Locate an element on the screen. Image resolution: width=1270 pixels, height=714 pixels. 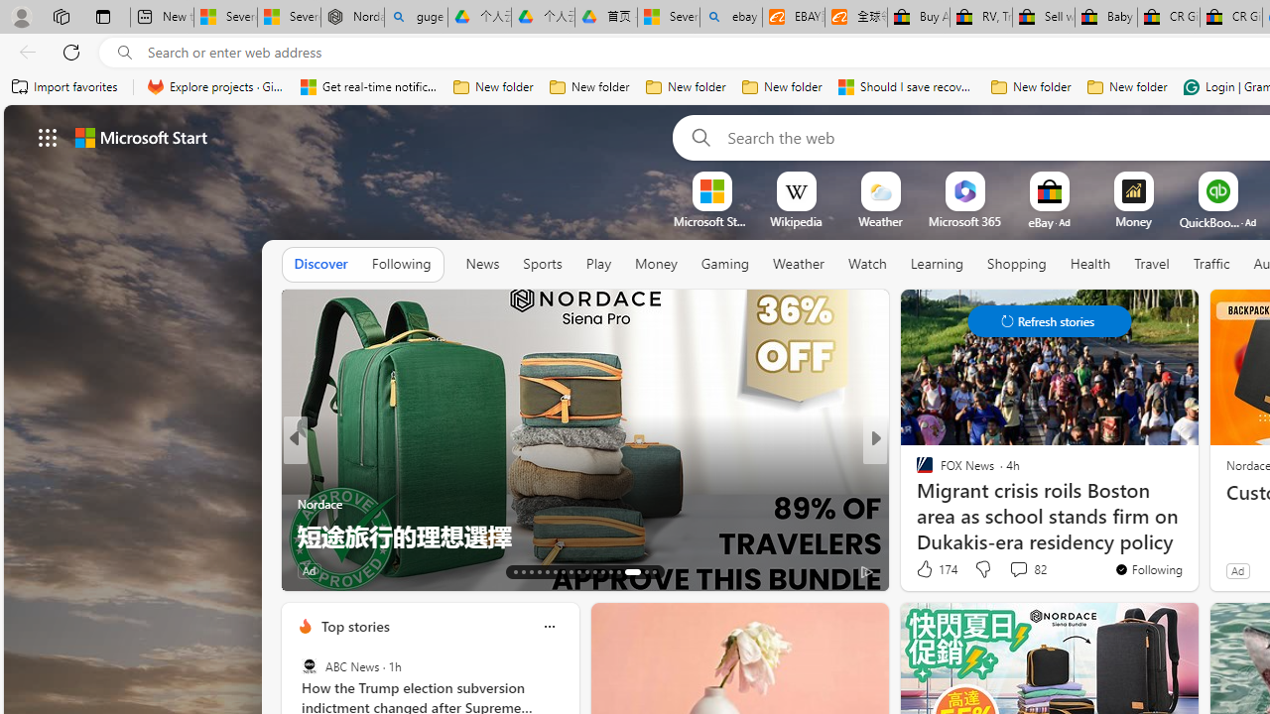
'Watch' is located at coordinates (867, 264).